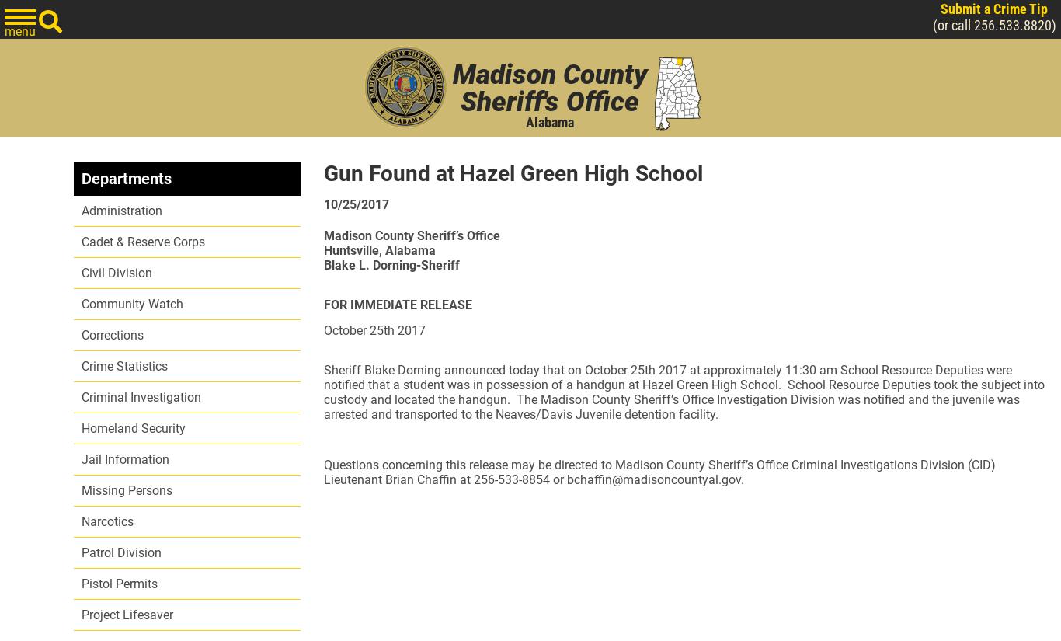  What do you see at coordinates (120, 552) in the screenshot?
I see `'Patrol Division'` at bounding box center [120, 552].